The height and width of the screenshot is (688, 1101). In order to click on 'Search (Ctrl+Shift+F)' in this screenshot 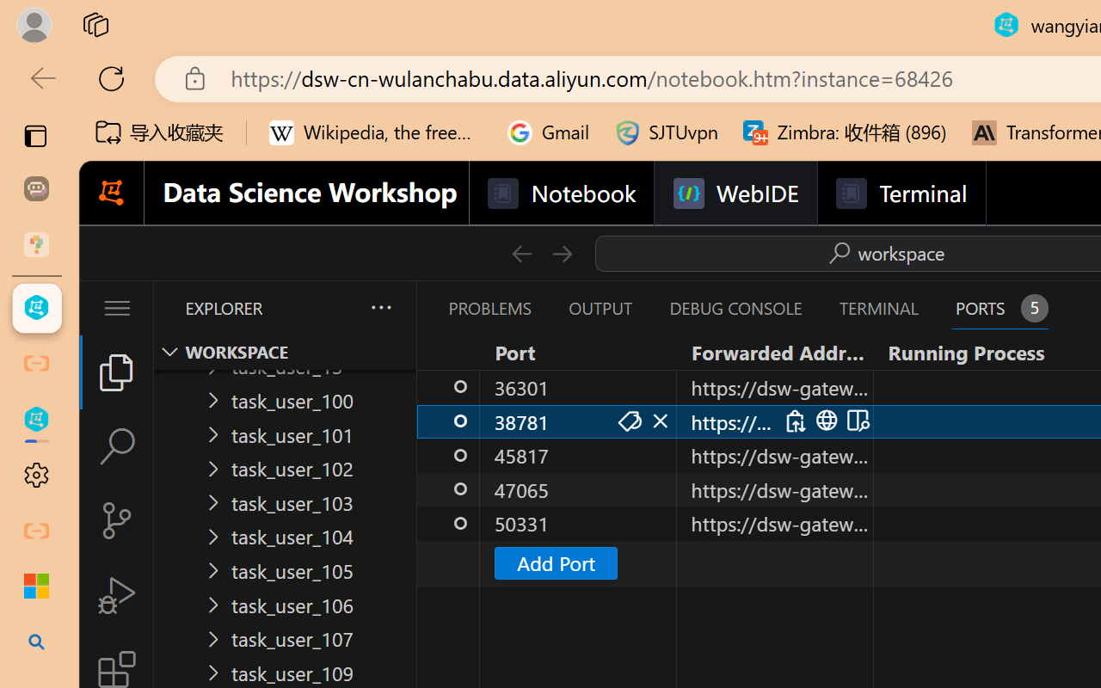, I will do `click(115, 445)`.